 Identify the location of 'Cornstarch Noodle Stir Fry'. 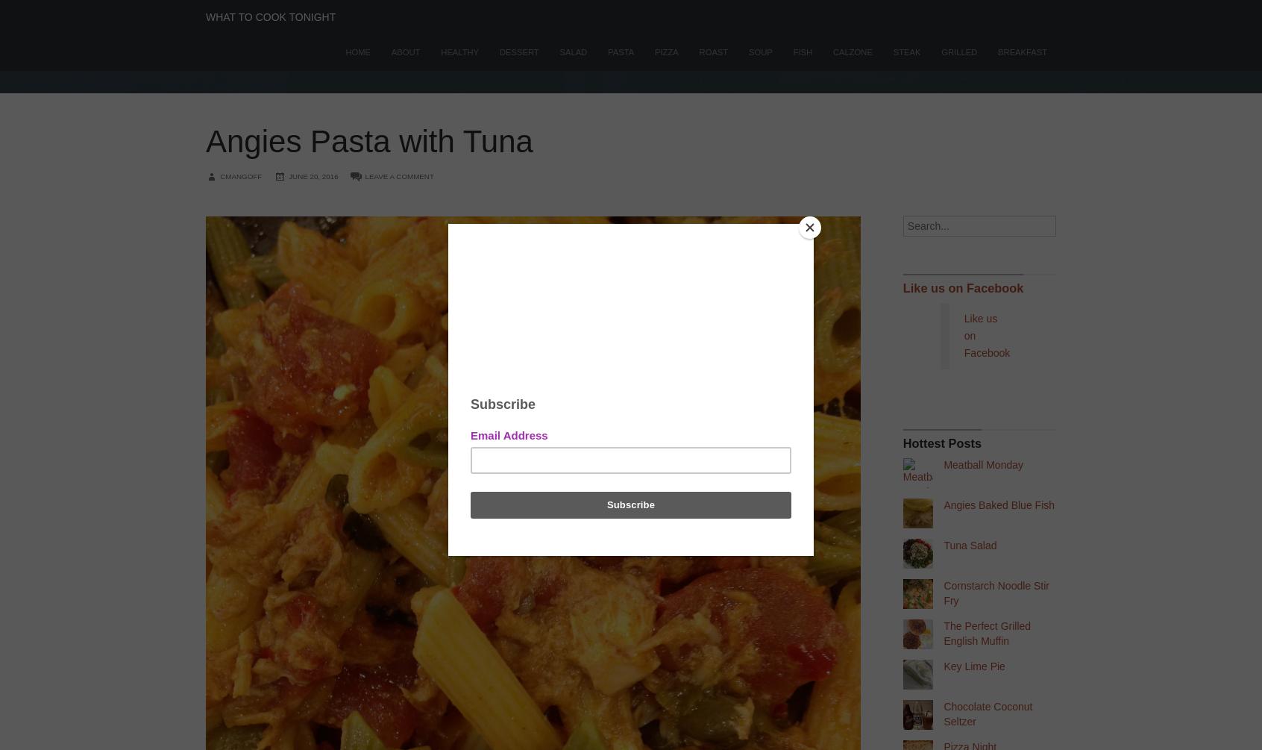
(996, 593).